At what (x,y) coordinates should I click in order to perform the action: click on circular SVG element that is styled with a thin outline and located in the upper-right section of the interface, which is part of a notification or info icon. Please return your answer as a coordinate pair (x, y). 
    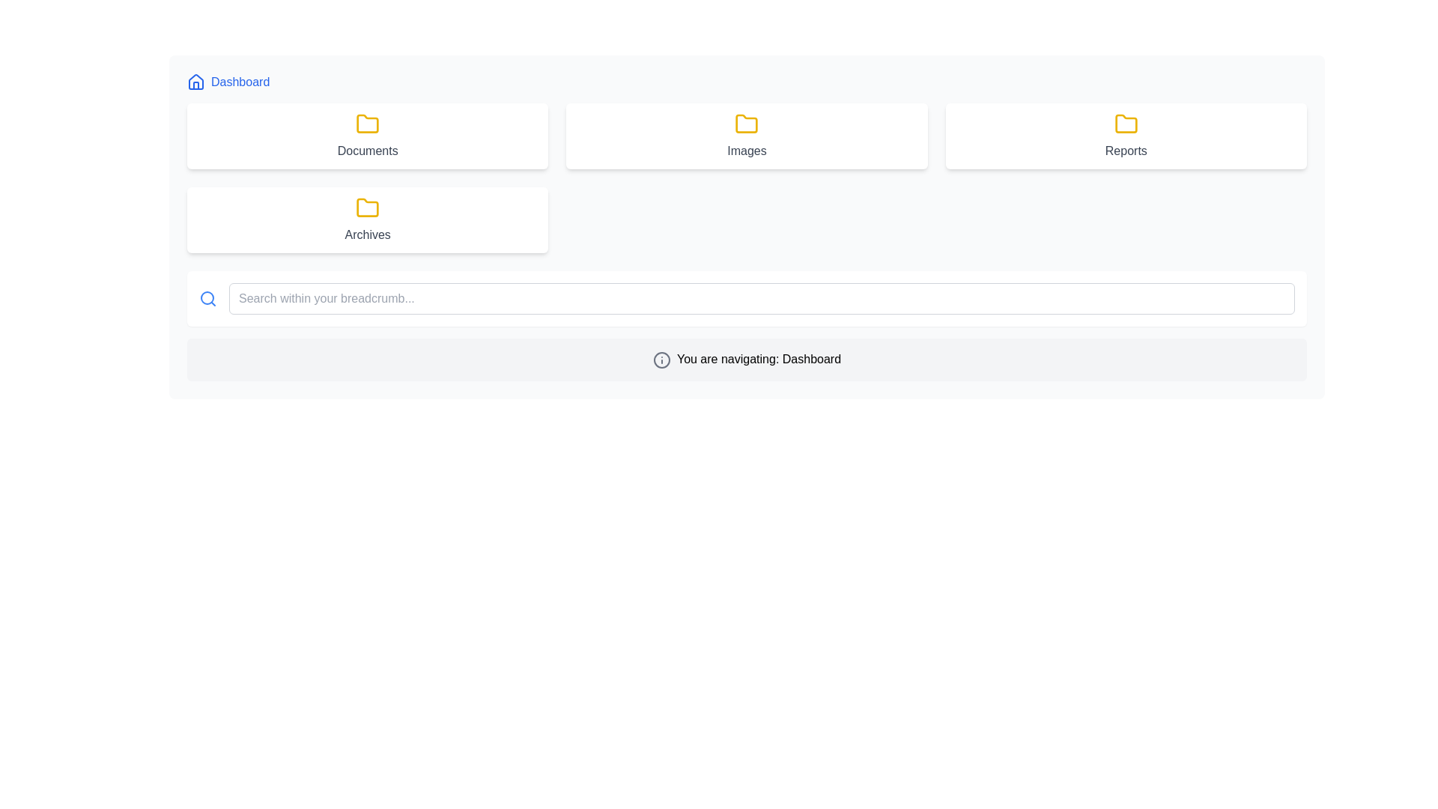
    Looking at the image, I should click on (661, 360).